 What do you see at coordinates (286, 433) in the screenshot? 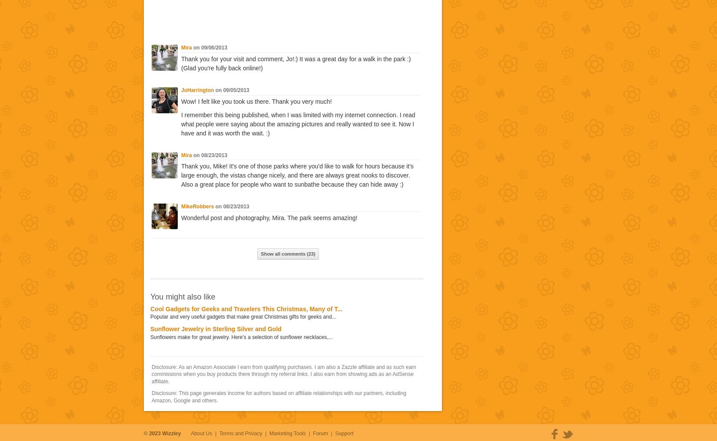
I see `'Marketing Tools'` at bounding box center [286, 433].